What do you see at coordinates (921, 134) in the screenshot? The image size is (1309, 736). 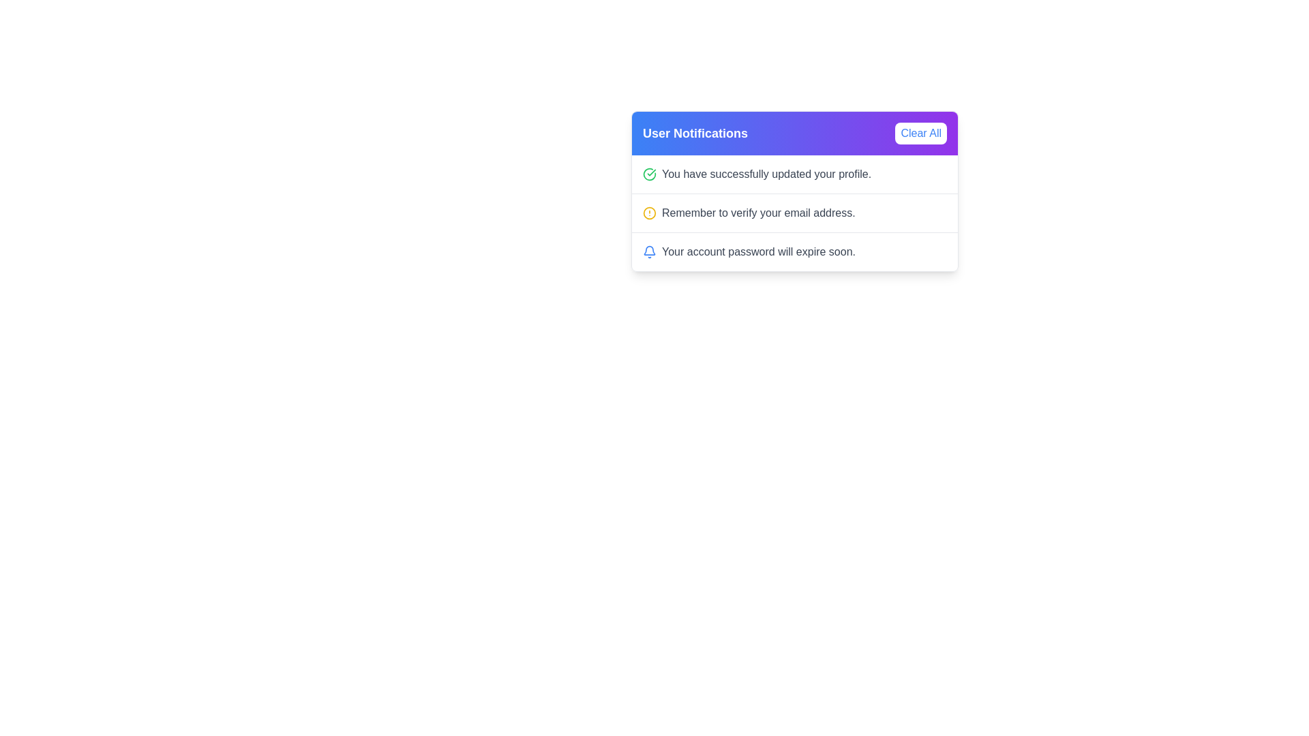 I see `the 'Clear All' button in the top-right corner of the 'User Notifications' section` at bounding box center [921, 134].